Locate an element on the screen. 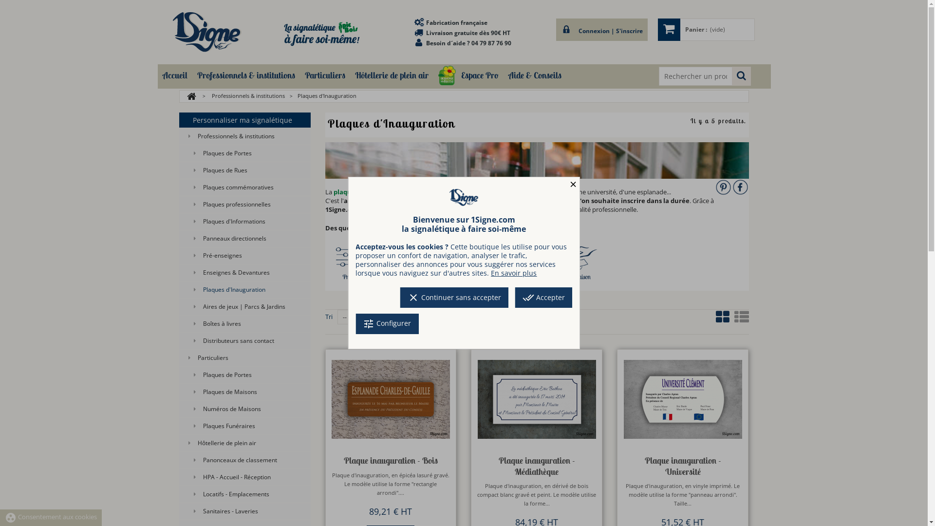  'Plaques de Rues' is located at coordinates (179, 170).